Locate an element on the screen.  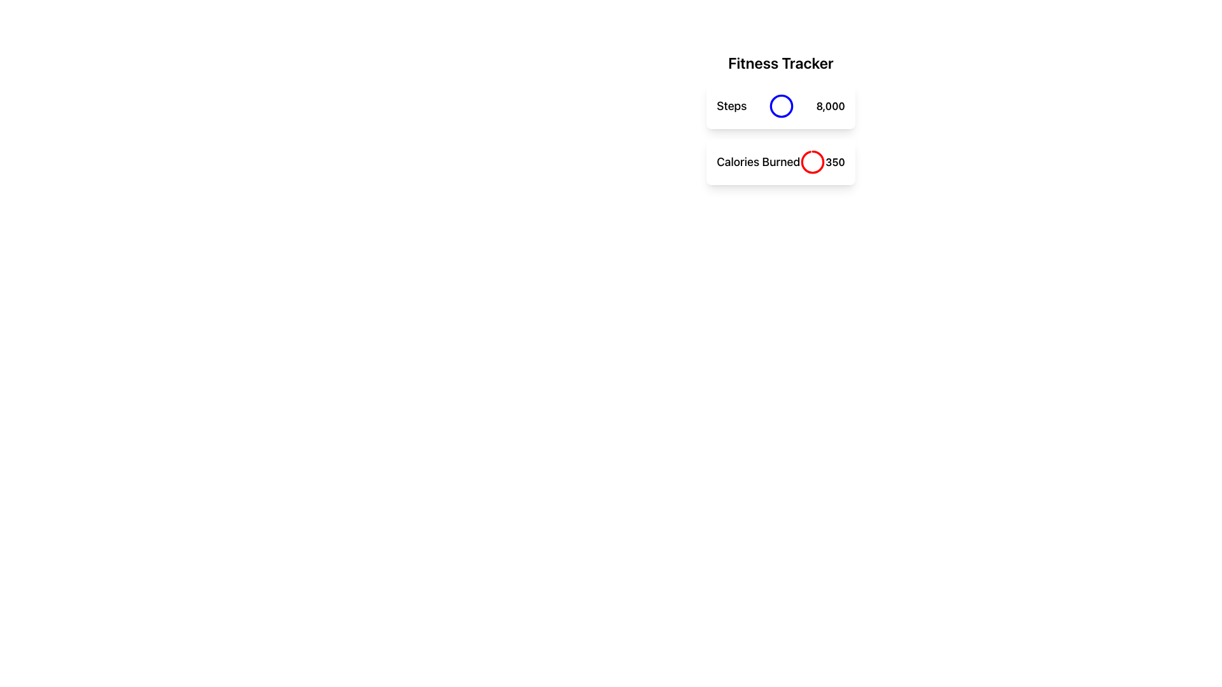
the circular graphical element indicating calories burned, located within the 'Calories Burned' card, positioned between the label 'Calories Burned' and the numeric value '350' is located at coordinates (812, 161).